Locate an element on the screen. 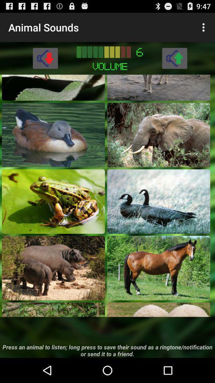 This screenshot has height=383, width=215. volume down is located at coordinates (45, 57).